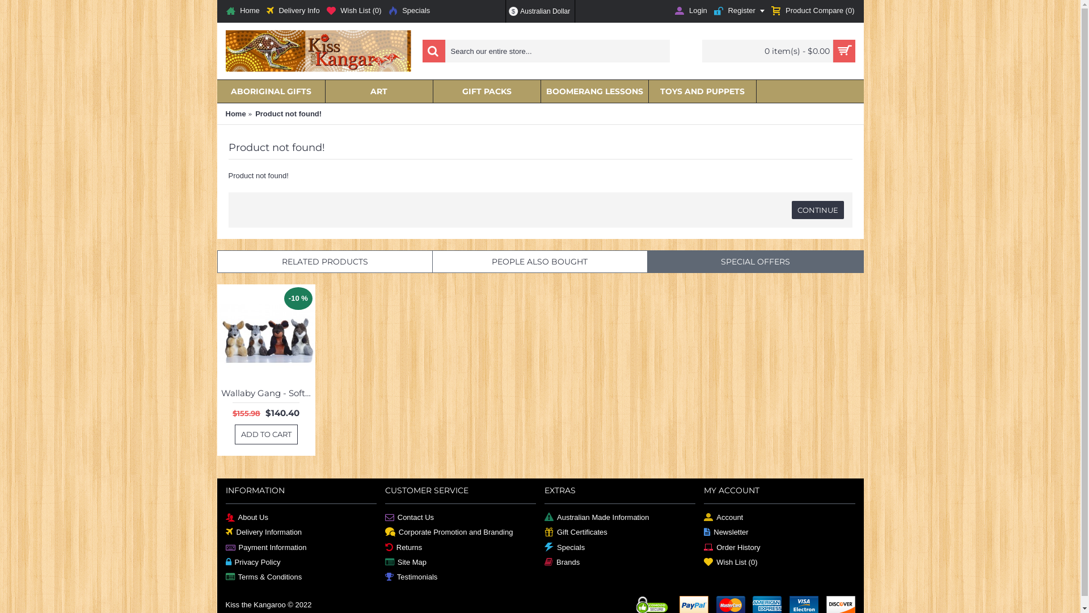  Describe the element at coordinates (265, 392) in the screenshot. I see `'Wallaby Gang - Soft Toys'` at that location.